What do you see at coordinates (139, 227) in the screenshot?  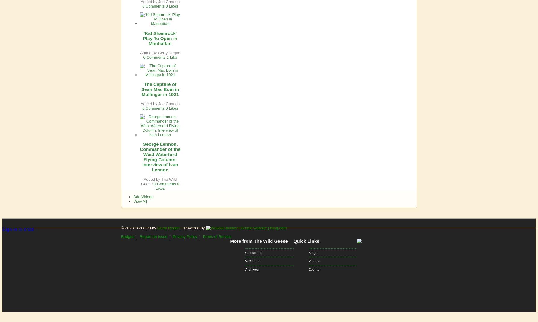 I see `'© 2023               Created by'` at bounding box center [139, 227].